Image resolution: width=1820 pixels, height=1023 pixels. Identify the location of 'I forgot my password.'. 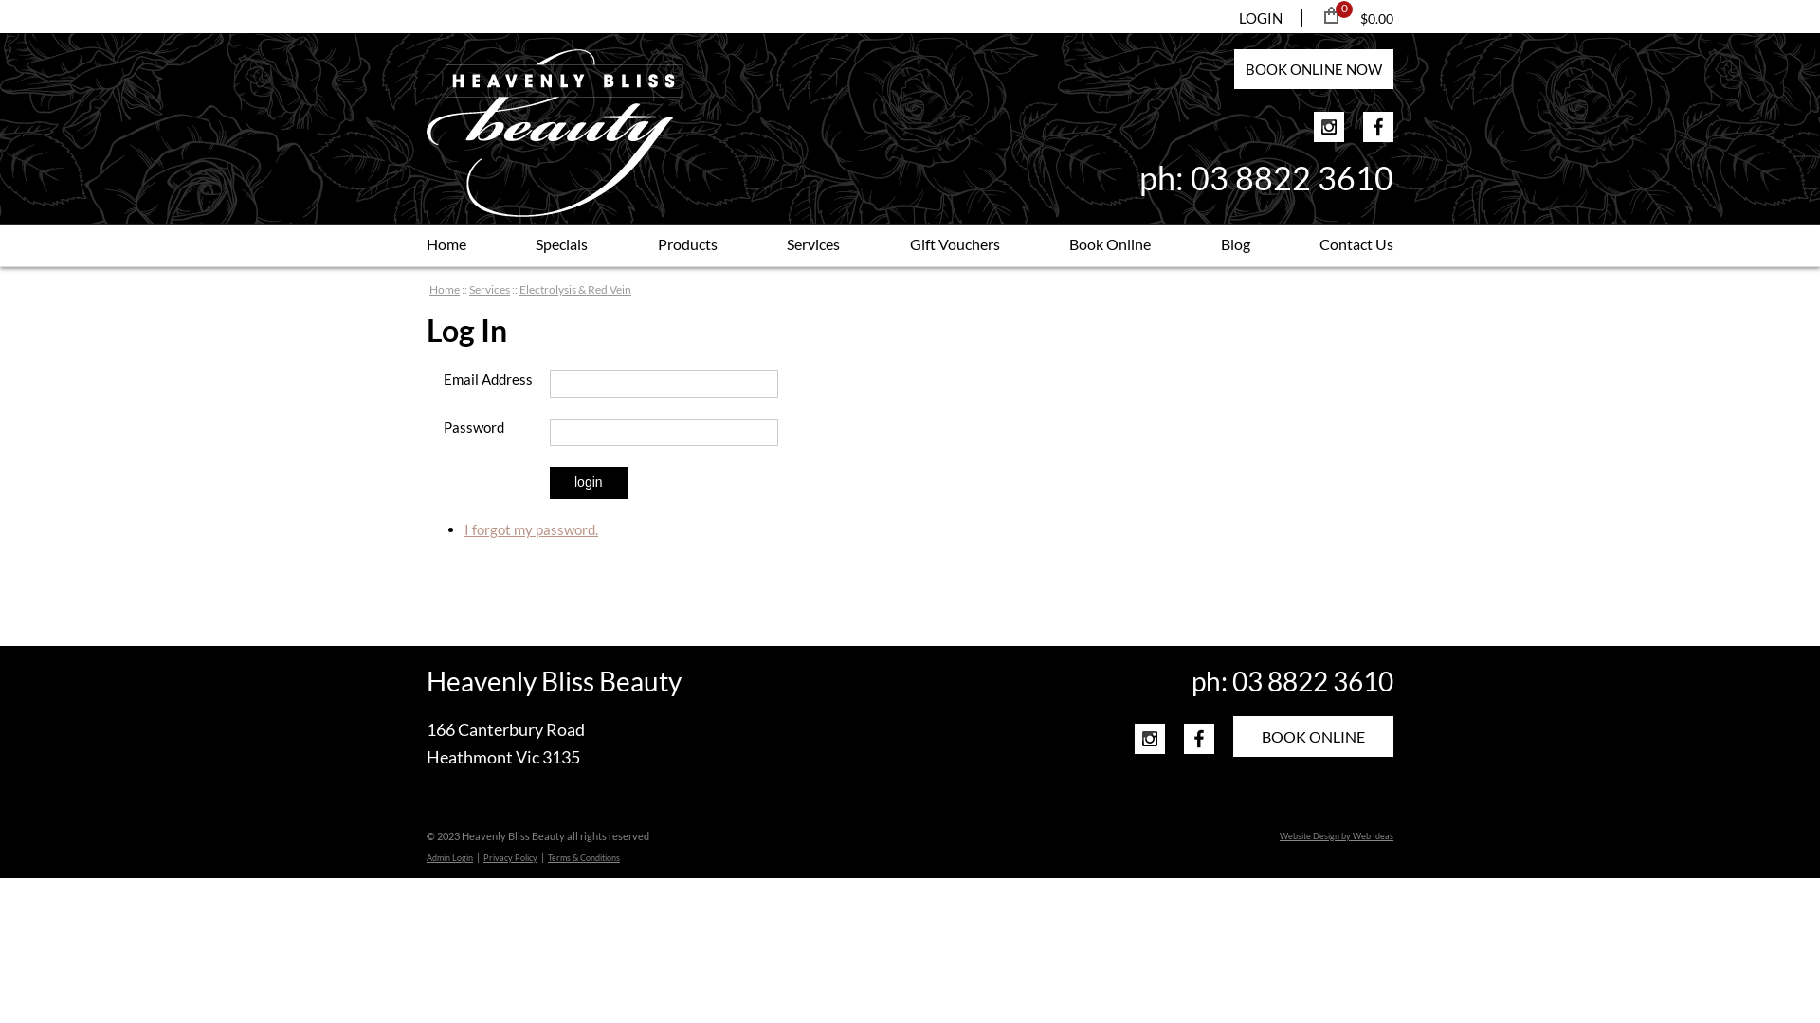
(531, 529).